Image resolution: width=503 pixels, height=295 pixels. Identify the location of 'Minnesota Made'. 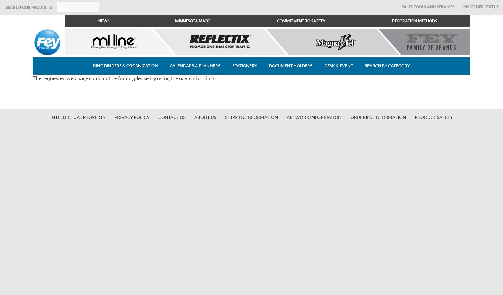
(193, 21).